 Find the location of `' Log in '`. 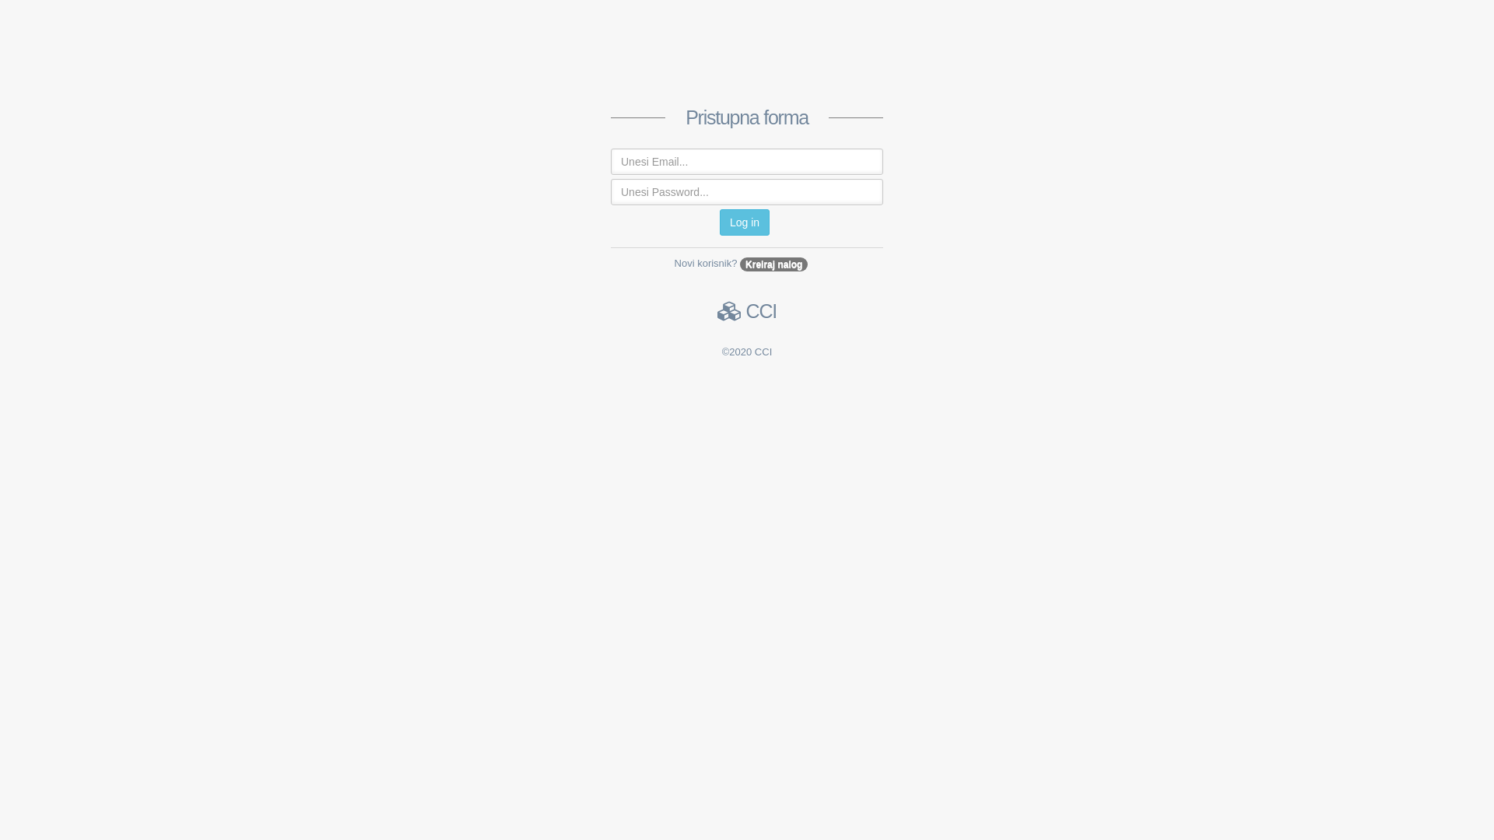

' Log in ' is located at coordinates (743, 222).